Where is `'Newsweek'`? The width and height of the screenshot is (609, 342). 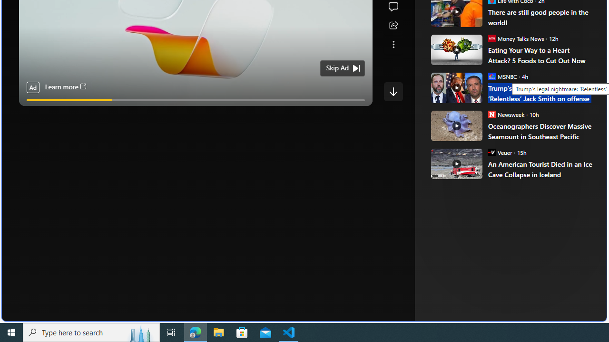
'Newsweek' is located at coordinates (491, 114).